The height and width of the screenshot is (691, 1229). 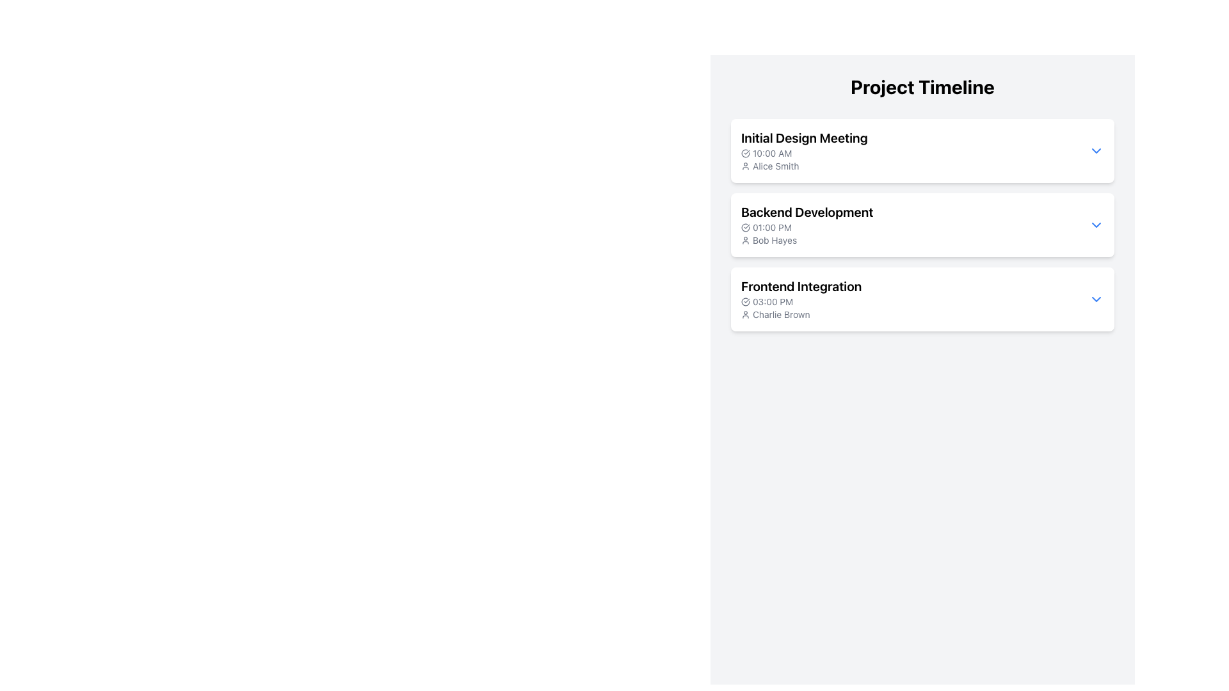 What do you see at coordinates (1096, 150) in the screenshot?
I see `the dropdown toggle icon located at the rightmost position of the card labeled 'Initial Design Meeting'` at bounding box center [1096, 150].